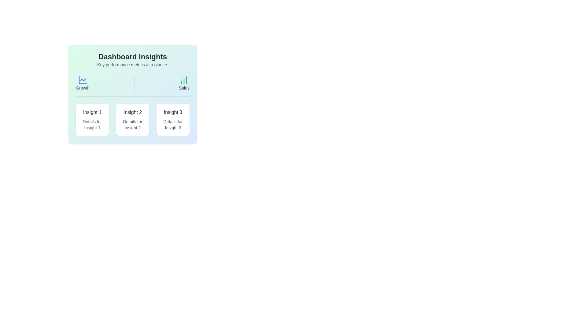 The height and width of the screenshot is (330, 587). What do you see at coordinates (132, 112) in the screenshot?
I see `the static text label 'Insight 2' located in the middle card of the Dashboard Insights section, positioned between 'Insight 1' and 'Insight 3'` at bounding box center [132, 112].